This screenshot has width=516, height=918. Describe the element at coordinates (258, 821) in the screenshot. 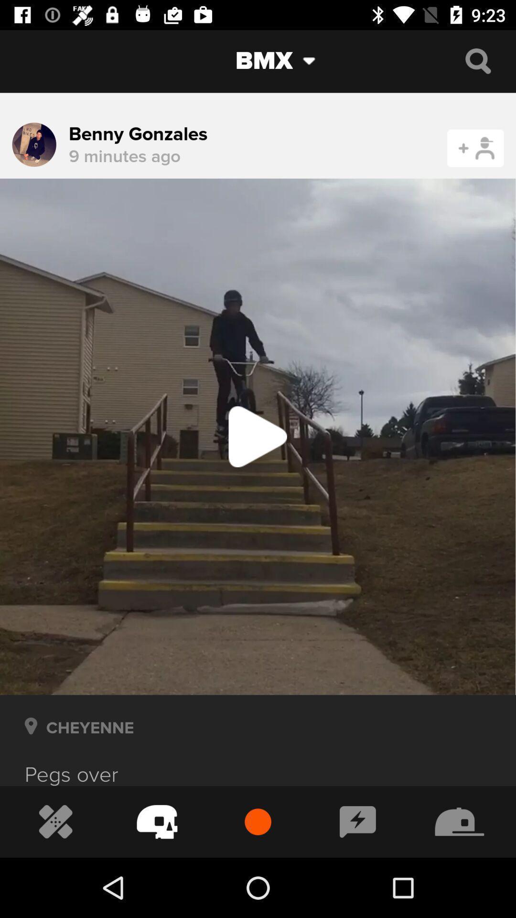

I see `the red button at the bottom of the page` at that location.